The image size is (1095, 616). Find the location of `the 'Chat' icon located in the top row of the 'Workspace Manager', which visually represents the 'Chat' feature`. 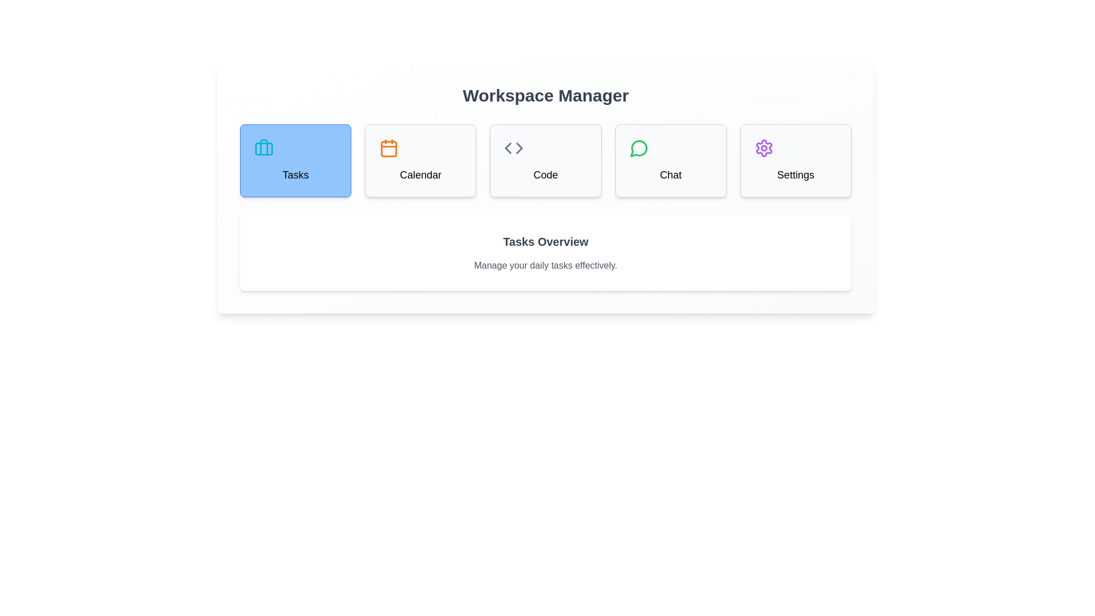

the 'Chat' icon located in the top row of the 'Workspace Manager', which visually represents the 'Chat' feature is located at coordinates (639, 147).